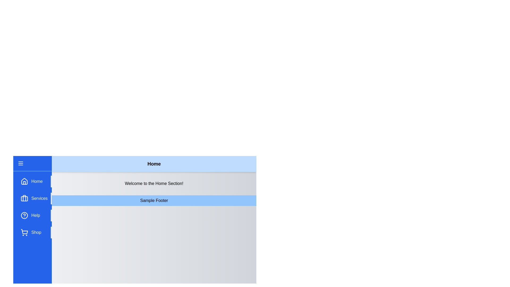 Image resolution: width=510 pixels, height=287 pixels. I want to click on the shopping cart icon located at the bottom of the 'Shop' menu item in the vertical navigation bar for accessibility purposes, so click(24, 232).